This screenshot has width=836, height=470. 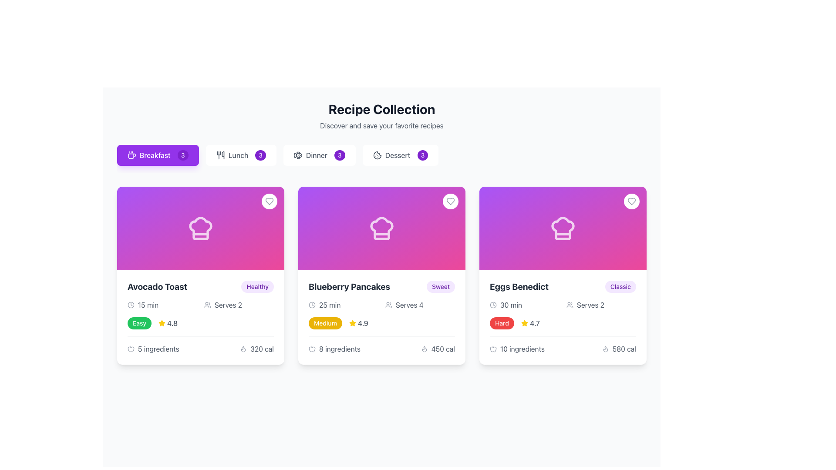 I want to click on the apple icon representing ingredients, located to the left of the '5 ingredients' text at the bottom-left corner of the recipe card for 'Avocado Toast', so click(x=131, y=349).